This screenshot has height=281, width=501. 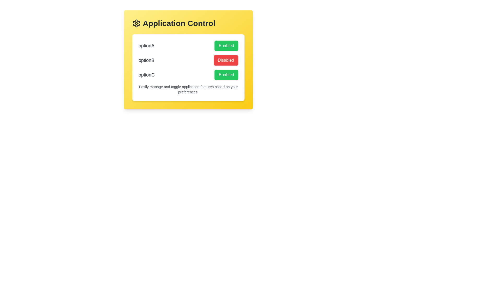 What do you see at coordinates (226, 75) in the screenshot?
I see `the 'Enabled' button with a green background located at the far right of the 'optionC' row` at bounding box center [226, 75].